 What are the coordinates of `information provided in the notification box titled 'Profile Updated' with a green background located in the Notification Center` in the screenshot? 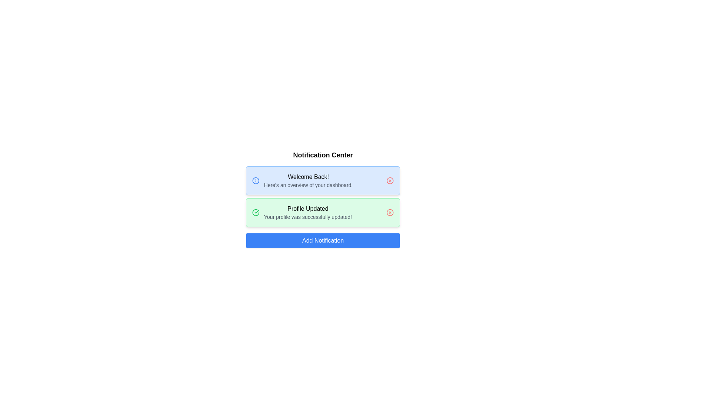 It's located at (323, 213).